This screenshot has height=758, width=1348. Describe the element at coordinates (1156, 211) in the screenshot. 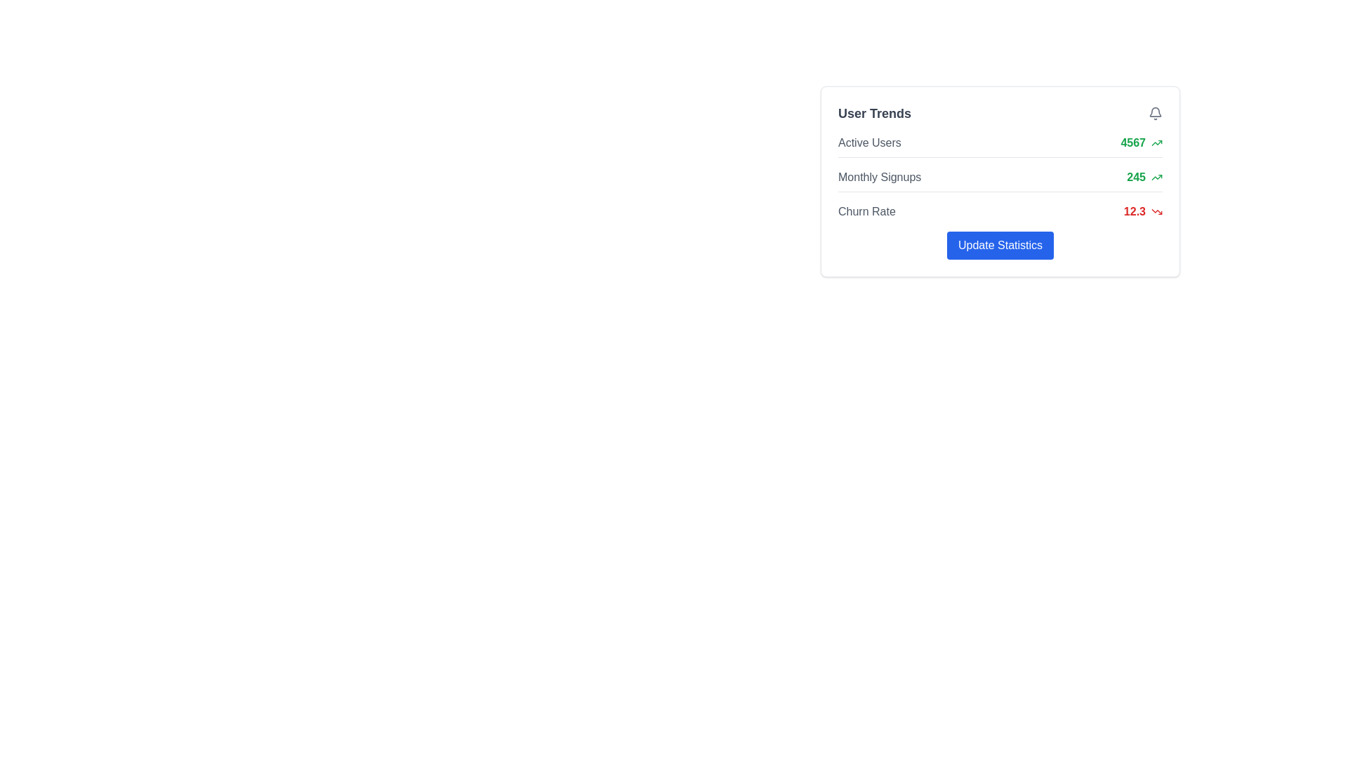

I see `the small icon resembling a downward trend arrow with a red stroke, located next to the red text '12.3' in the 'User Trends' card, positioned at the right side of the 'Churn Rate' label` at that location.